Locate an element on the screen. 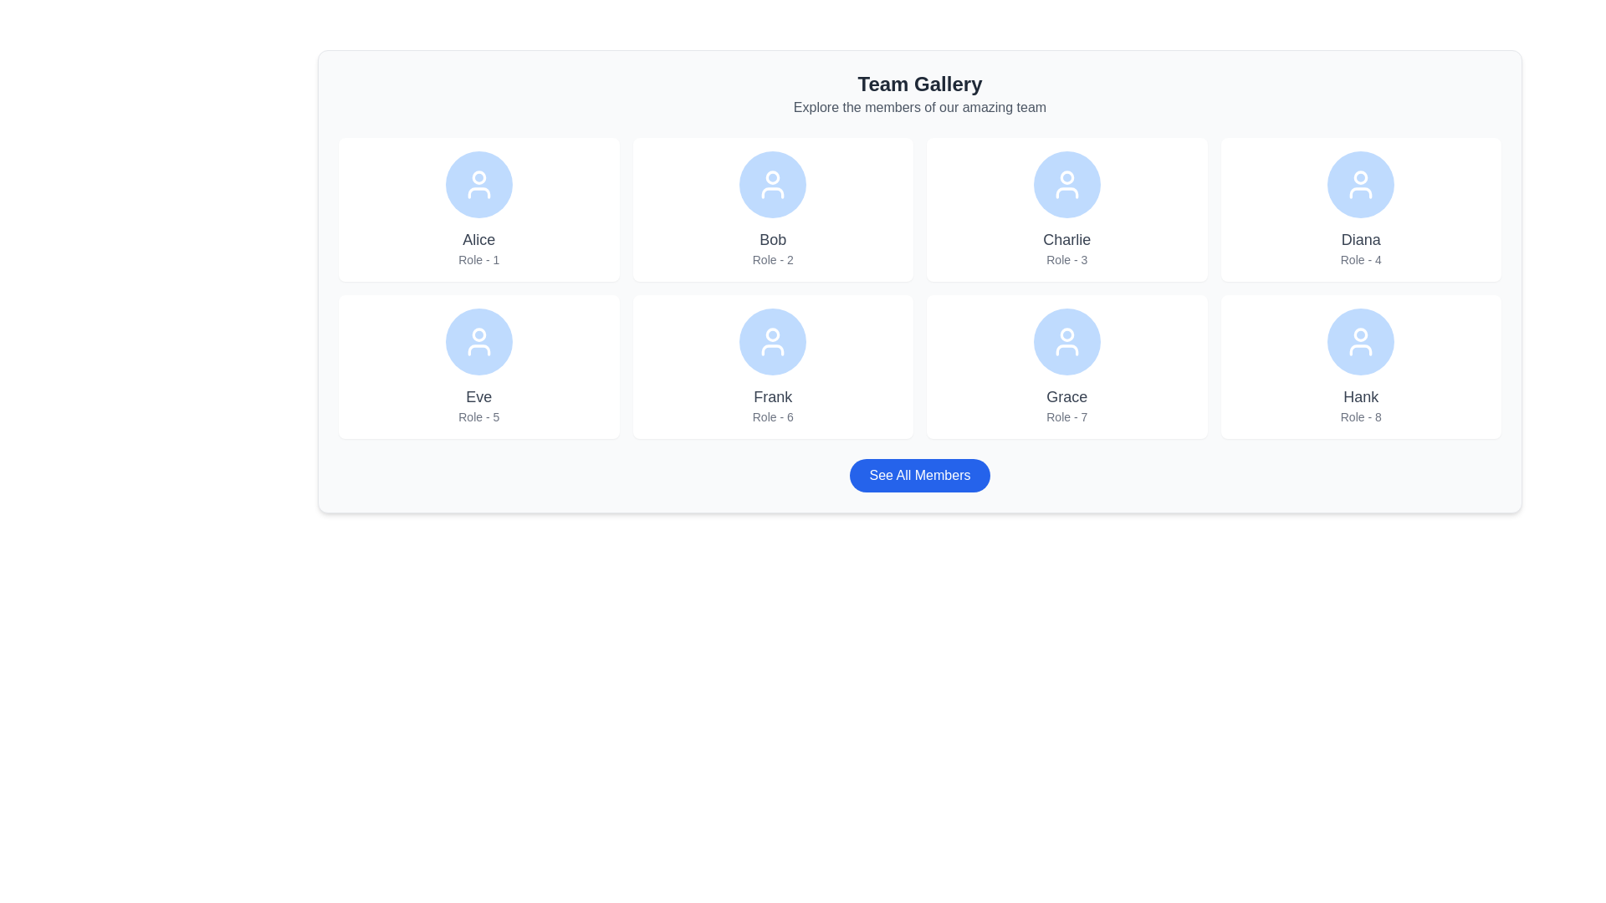 This screenshot has height=903, width=1606. the Profile icon or avatar, which is a circular icon with a white user outline on a blue background, located within the card labeled 'Hank Role - 8' is located at coordinates (1361, 340).